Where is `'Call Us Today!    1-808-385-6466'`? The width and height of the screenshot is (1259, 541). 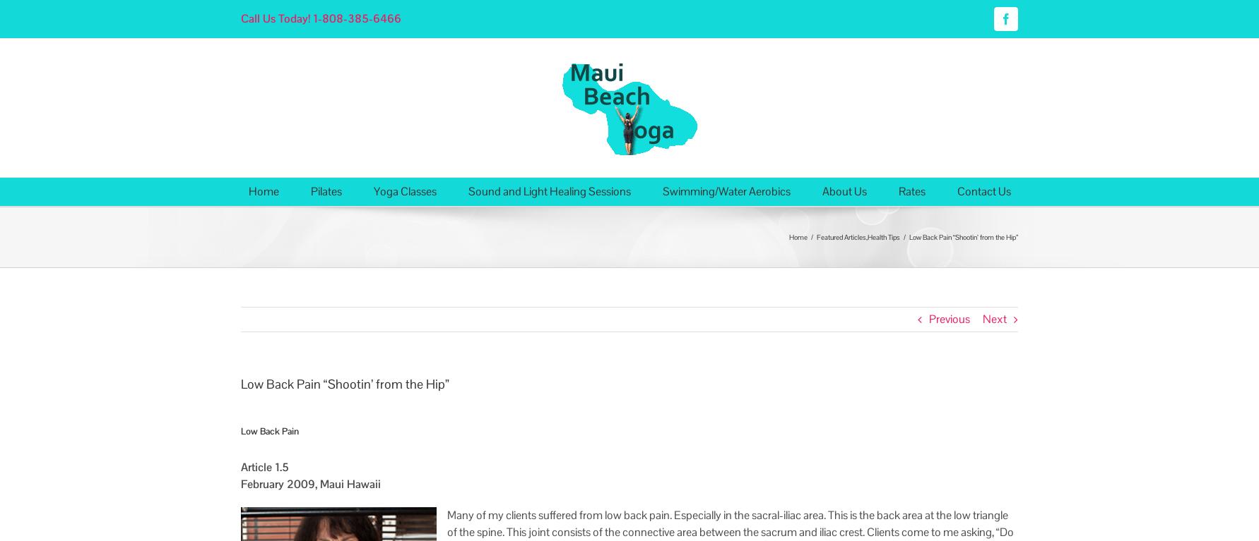
'Call Us Today!    1-808-385-6466' is located at coordinates (240, 18).